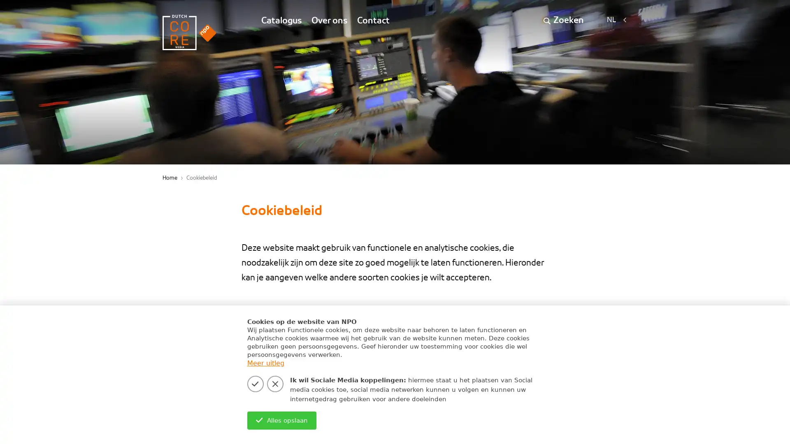 The image size is (790, 444). I want to click on Alles opslaan, so click(281, 420).